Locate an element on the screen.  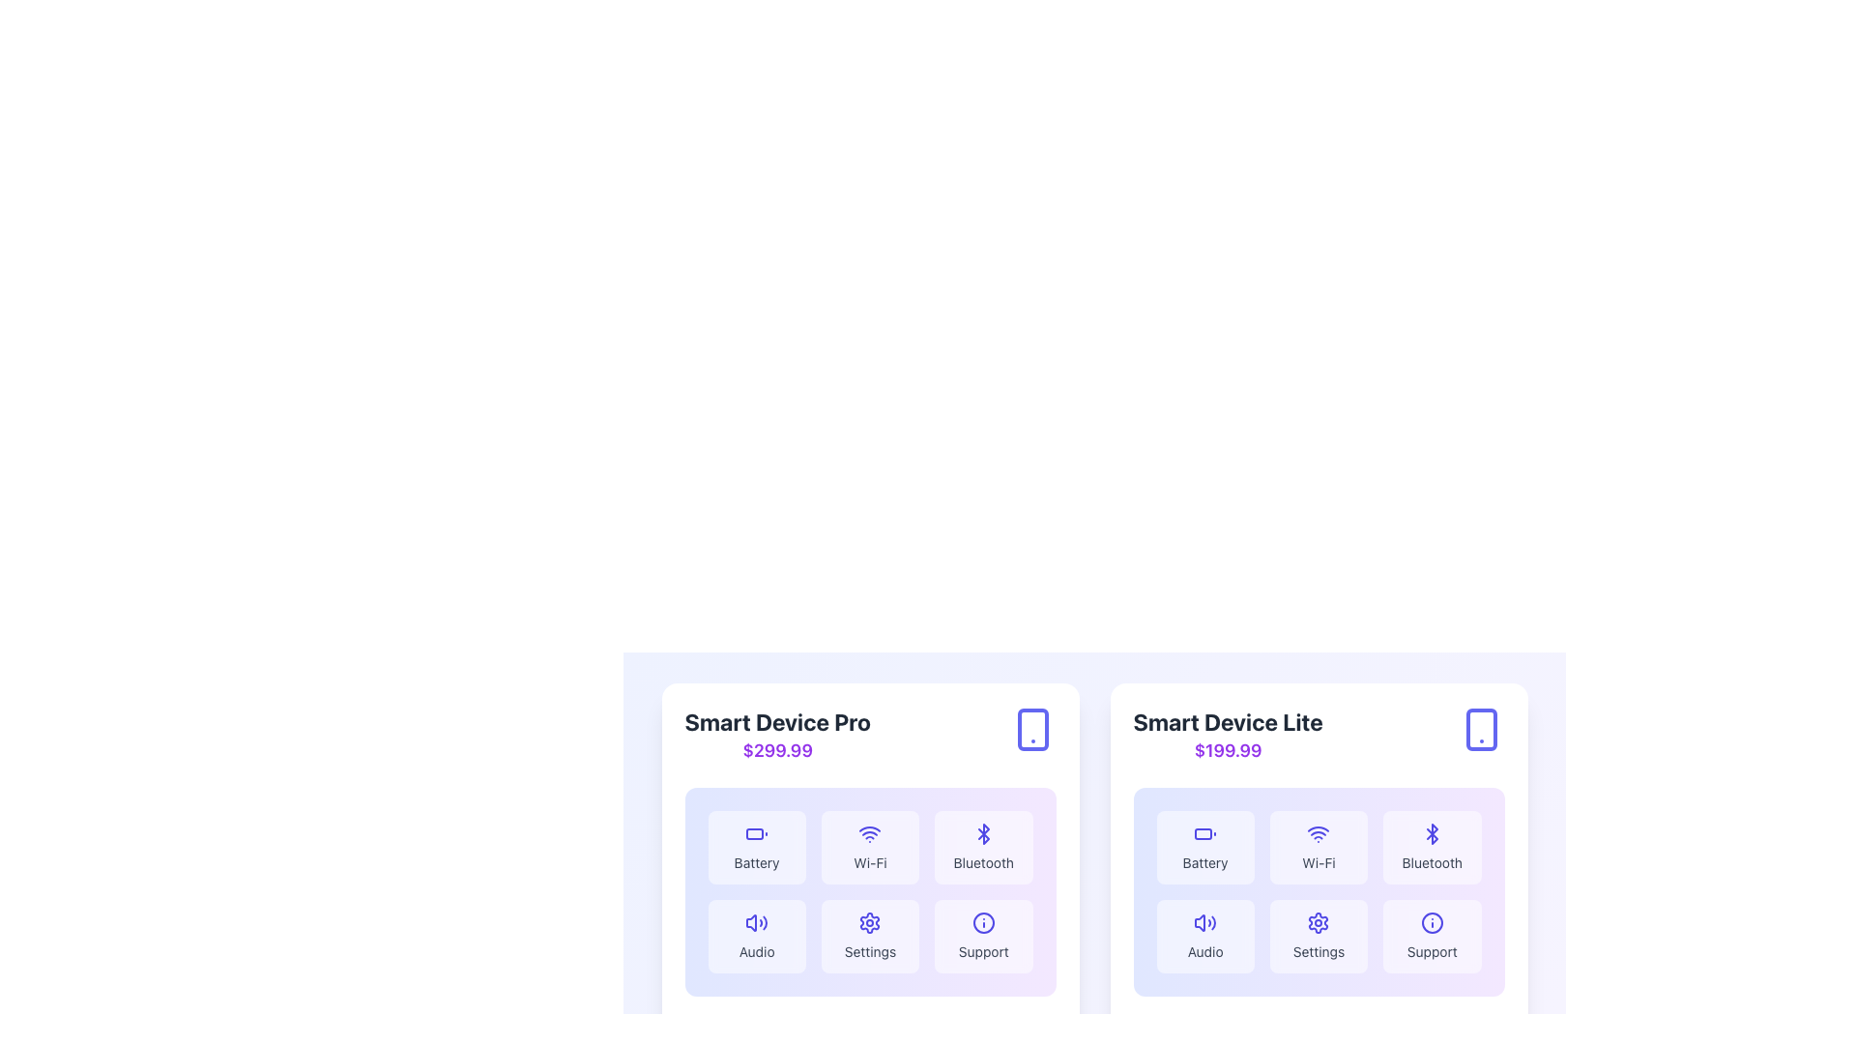
the button labeled 'Battery' with a battery icon above it, located in the 'Smart Device Pro' card for more information is located at coordinates (756, 846).